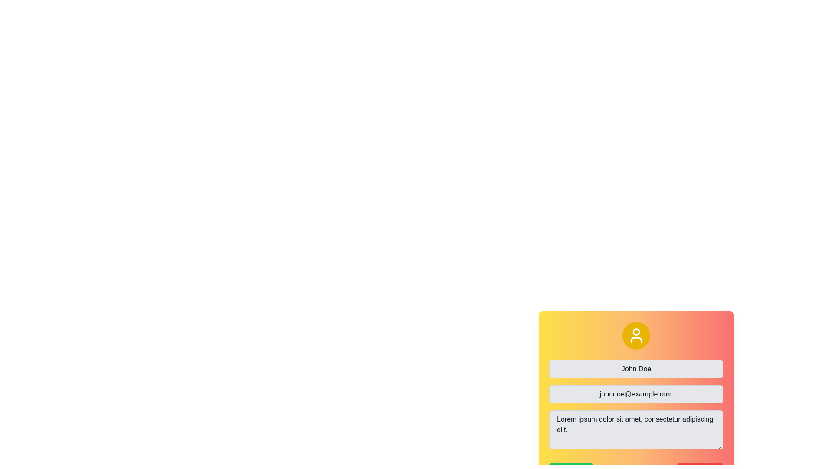 This screenshot has height=469, width=834. Describe the element at coordinates (636, 406) in the screenshot. I see `the Text Area located beneath the input fields for 'John Doe' and 'johndoe@example.com', and above the action buttons` at that location.